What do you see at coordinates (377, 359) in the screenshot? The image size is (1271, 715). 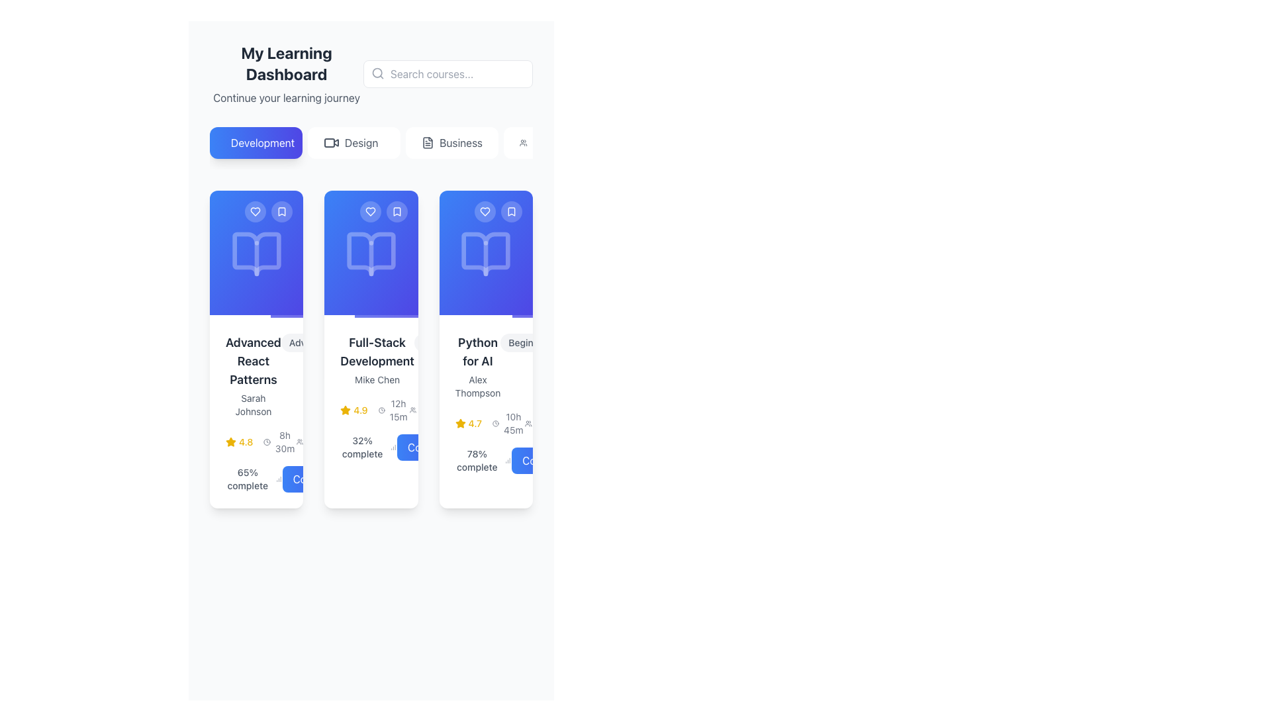 I see `text content of the text block displaying 'Full-Stack Development' and 'Mike Chen', which is located in the middle card of the 'Development' section in the 'My Learning Dashboard'` at bounding box center [377, 359].